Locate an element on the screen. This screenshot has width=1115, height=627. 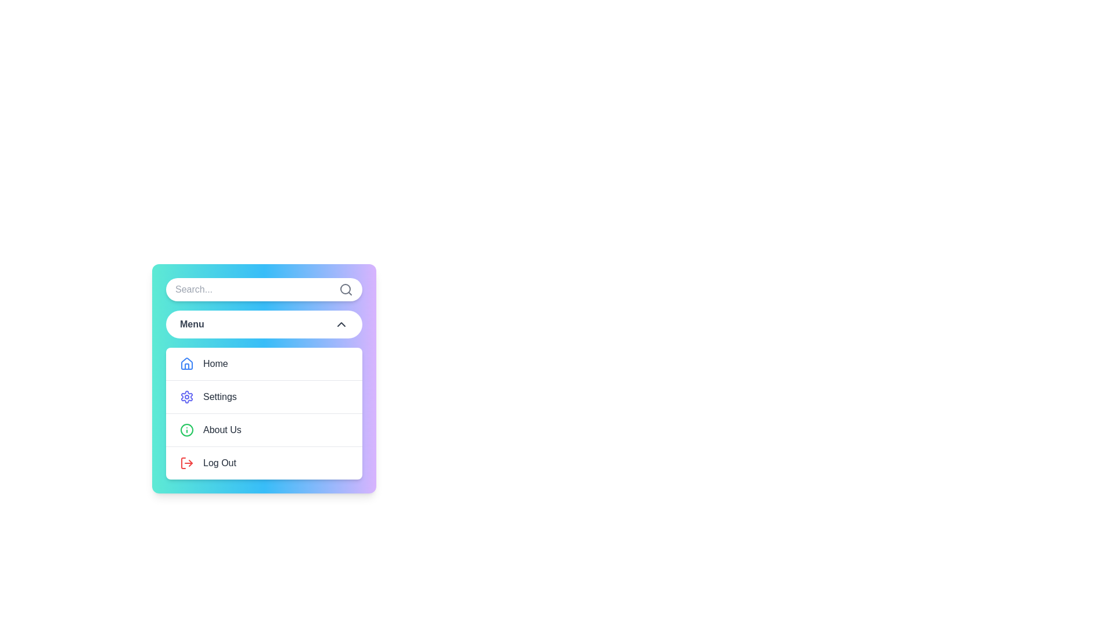
the 'Logout' menu option, which is the last item in the vertical list of menu options, to log out of the application is located at coordinates (264, 462).